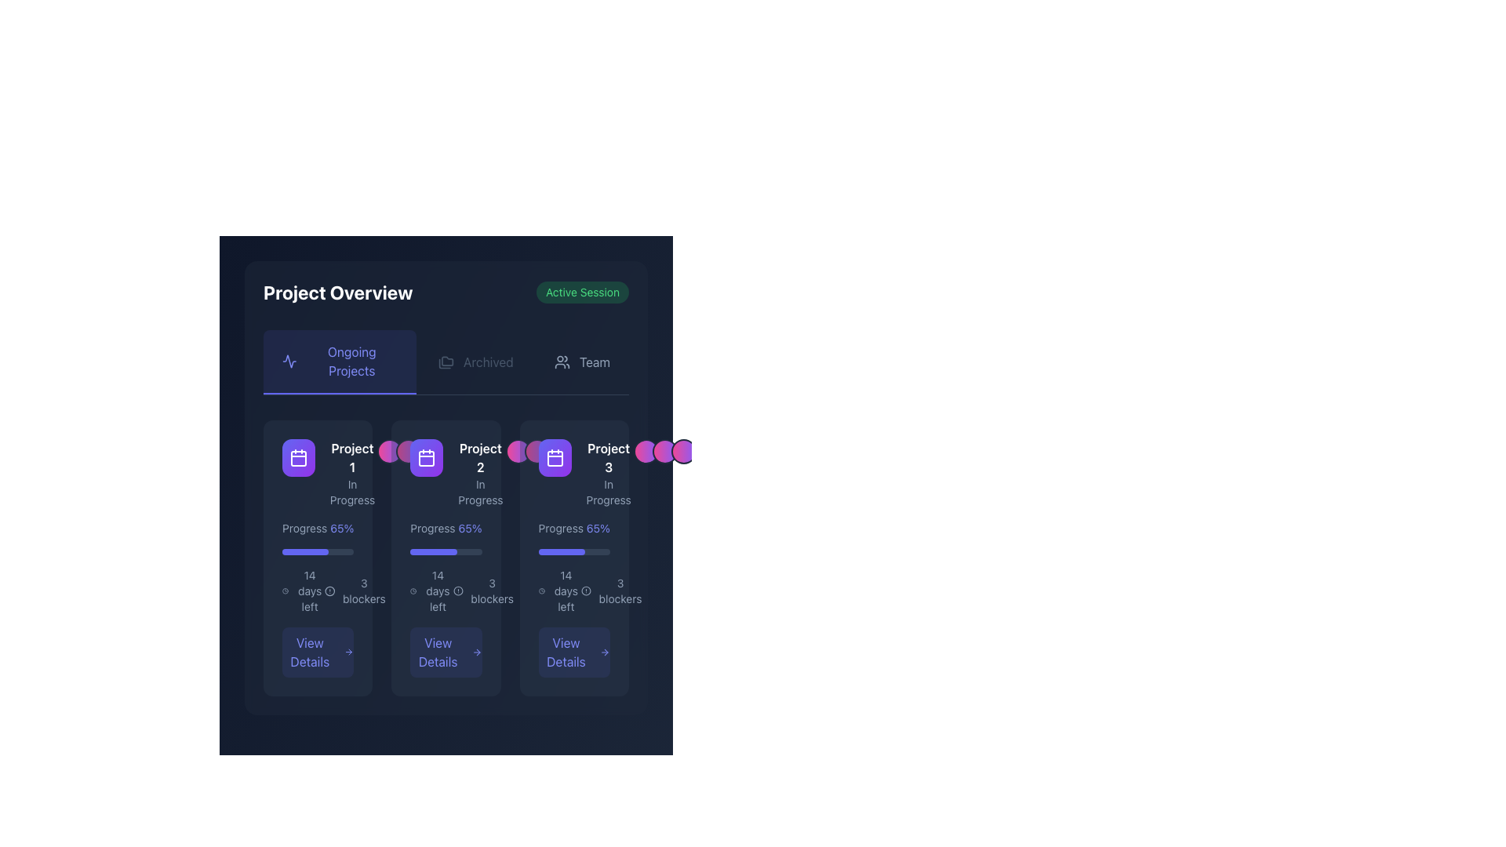 This screenshot has width=1506, height=847. What do you see at coordinates (409, 451) in the screenshot?
I see `into view the Avatar group representing members of the 'Project 2' card, located to the right of the project's title and status in the 'Ongoing Projects' section` at bounding box center [409, 451].